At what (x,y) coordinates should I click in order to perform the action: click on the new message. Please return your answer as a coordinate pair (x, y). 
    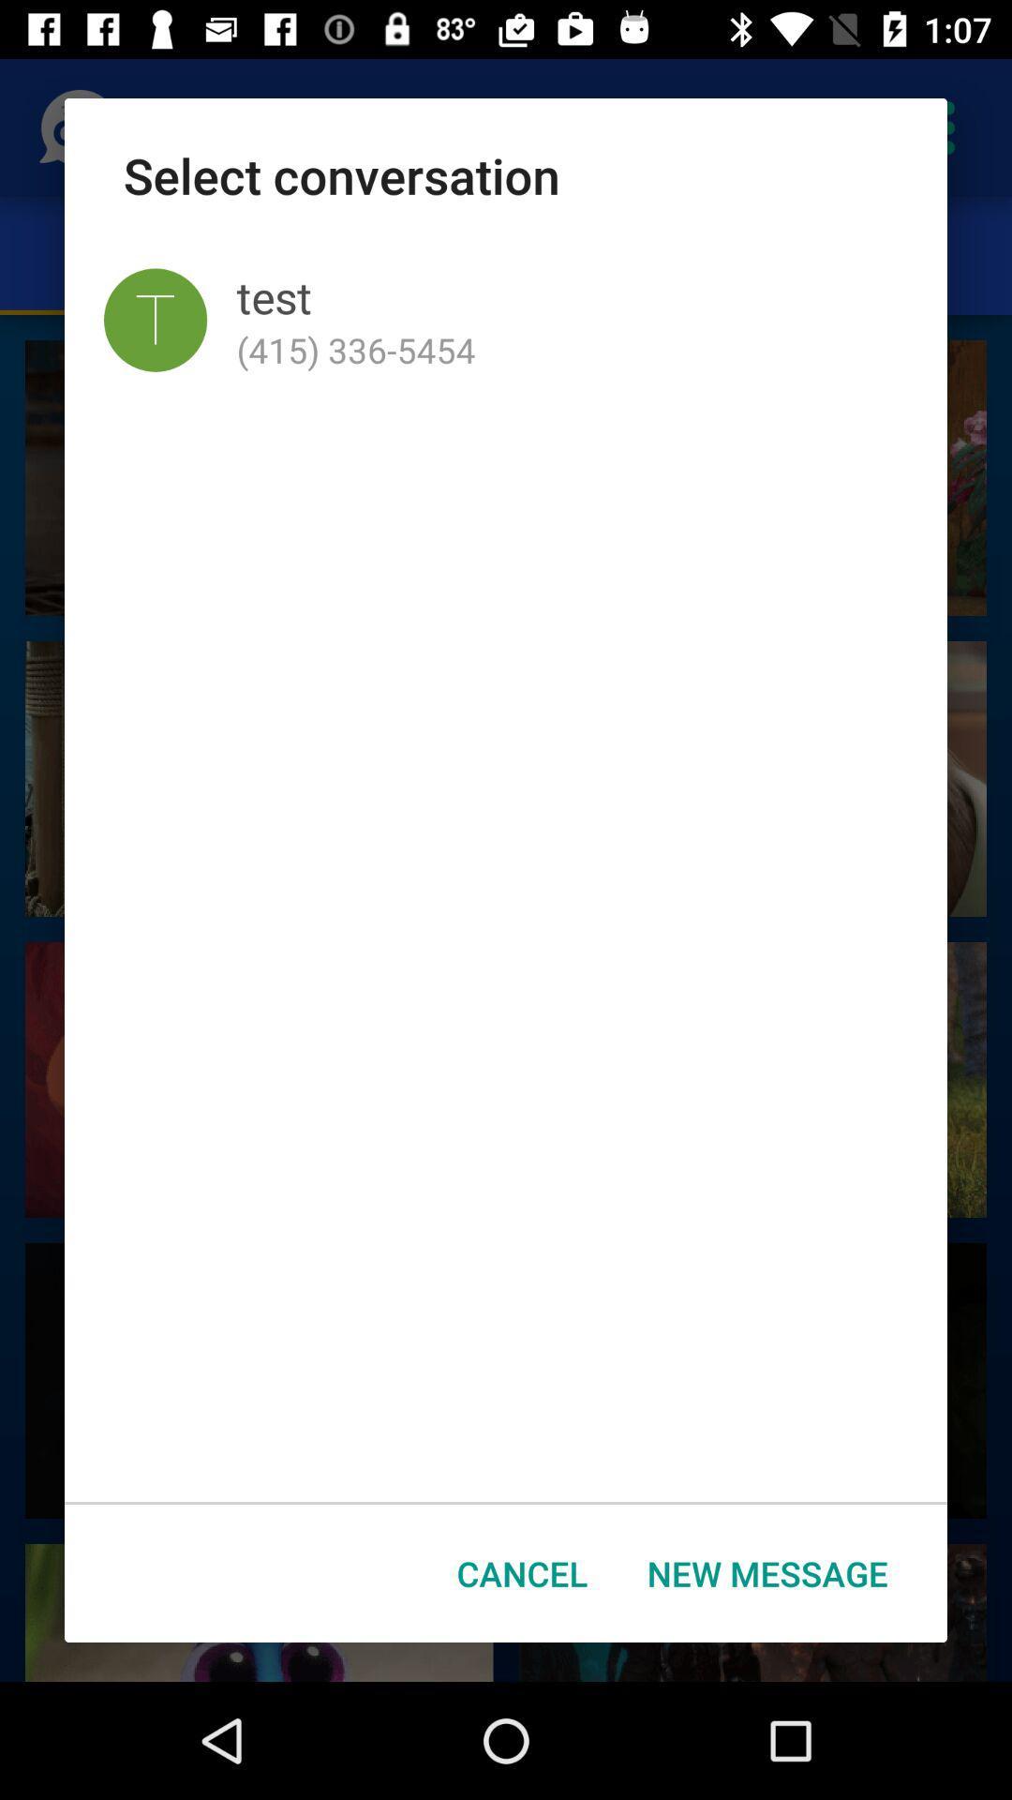
    Looking at the image, I should click on (767, 1573).